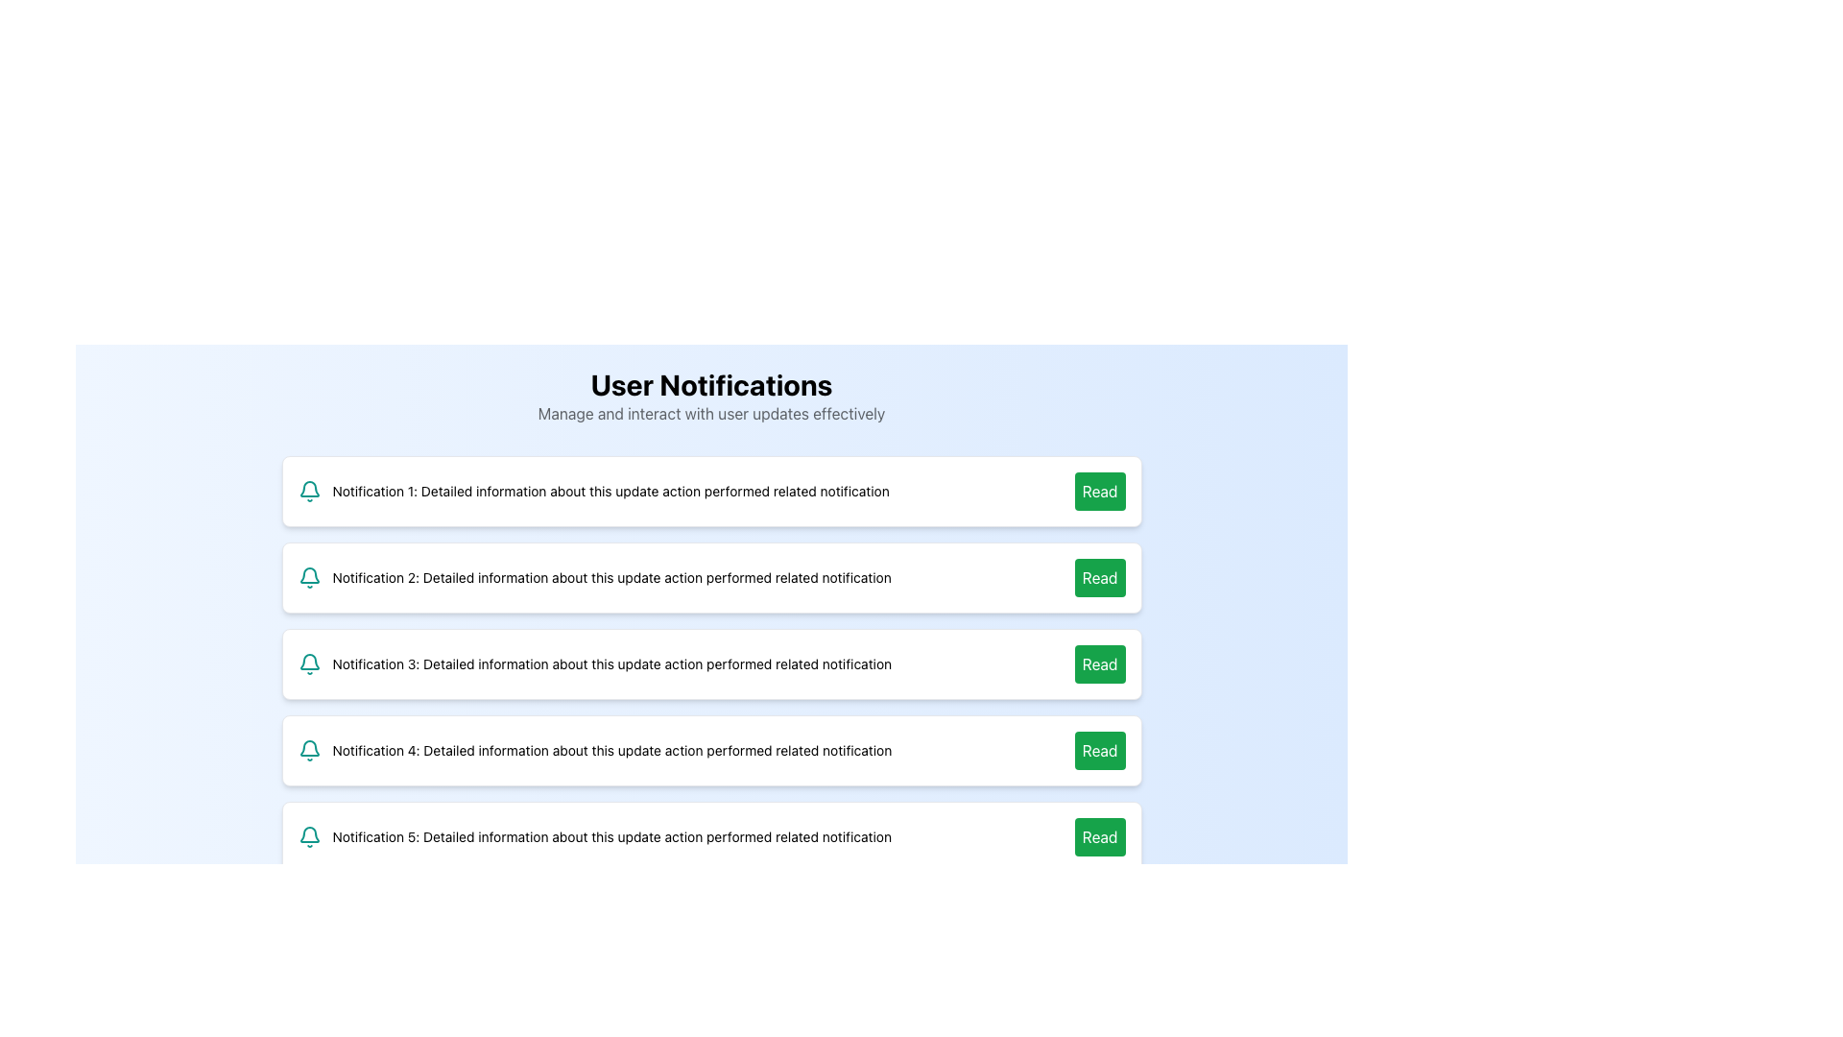 The image size is (1843, 1037). What do you see at coordinates (309, 835) in the screenshot?
I see `the teal bell icon located in the fifth row of the notification list` at bounding box center [309, 835].